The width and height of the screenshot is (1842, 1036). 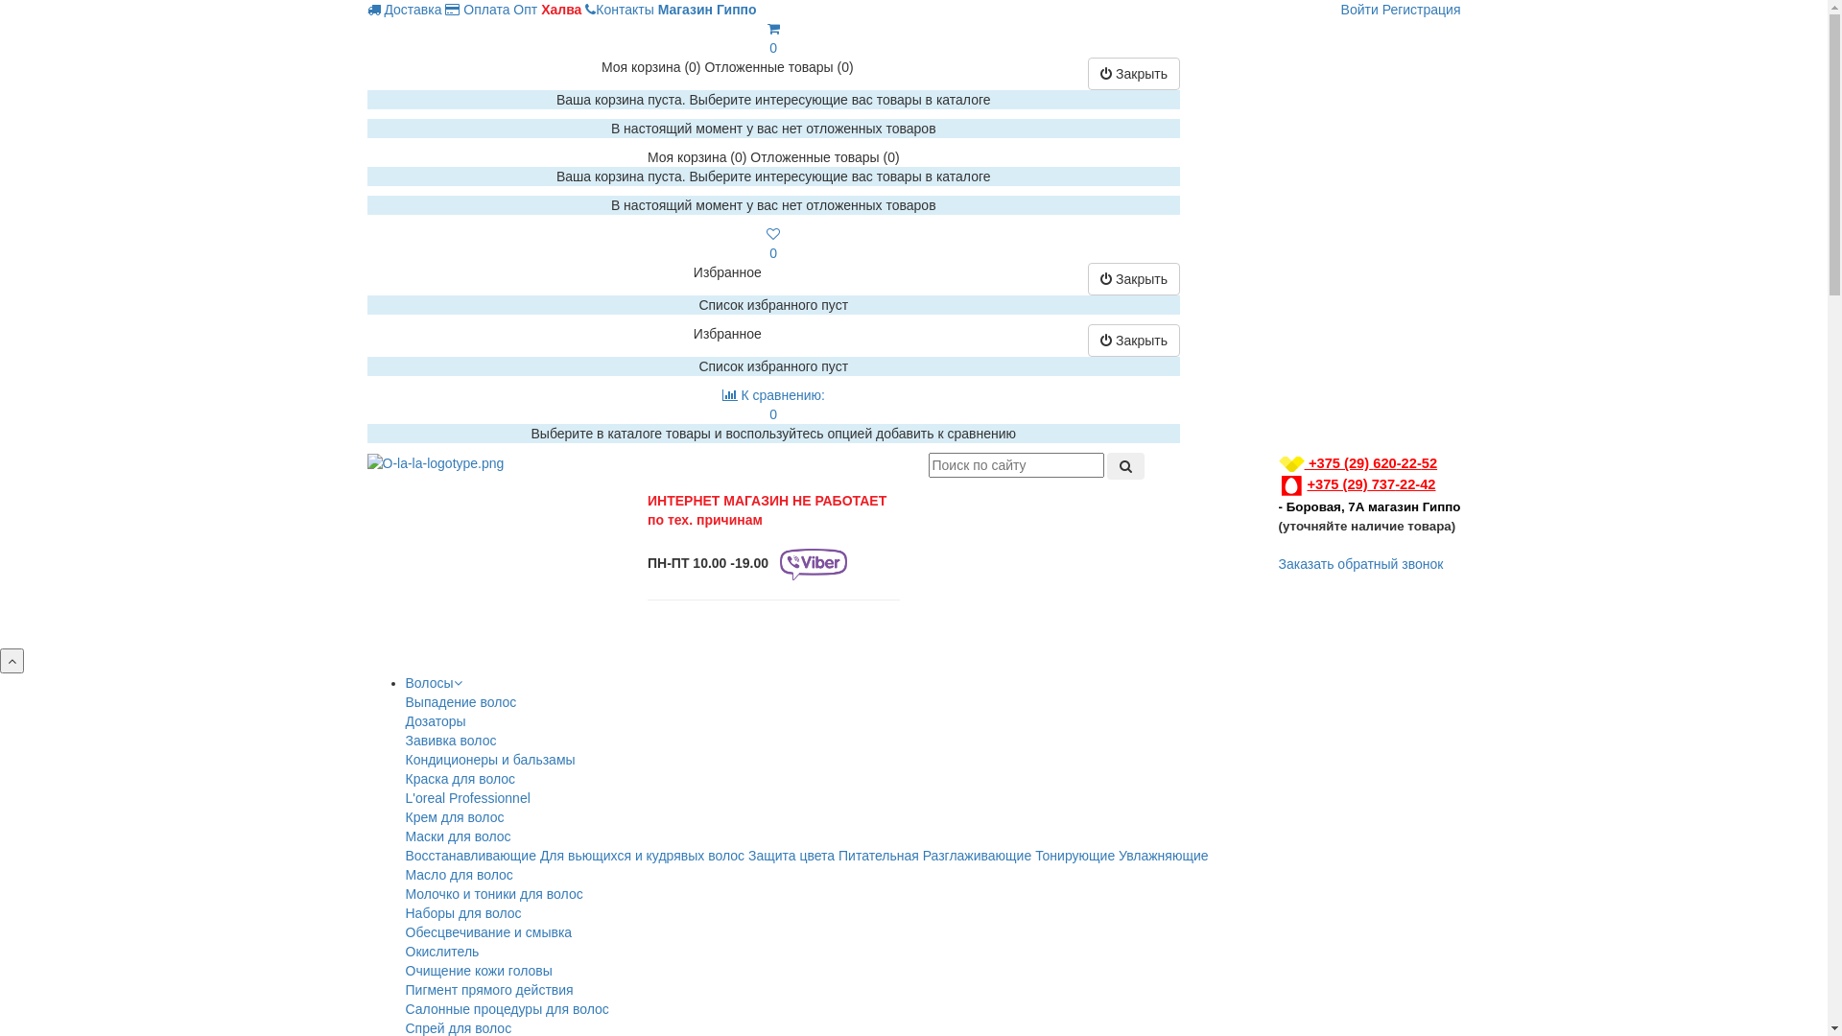 I want to click on 'O-la-la-logotype.png', so click(x=434, y=462).